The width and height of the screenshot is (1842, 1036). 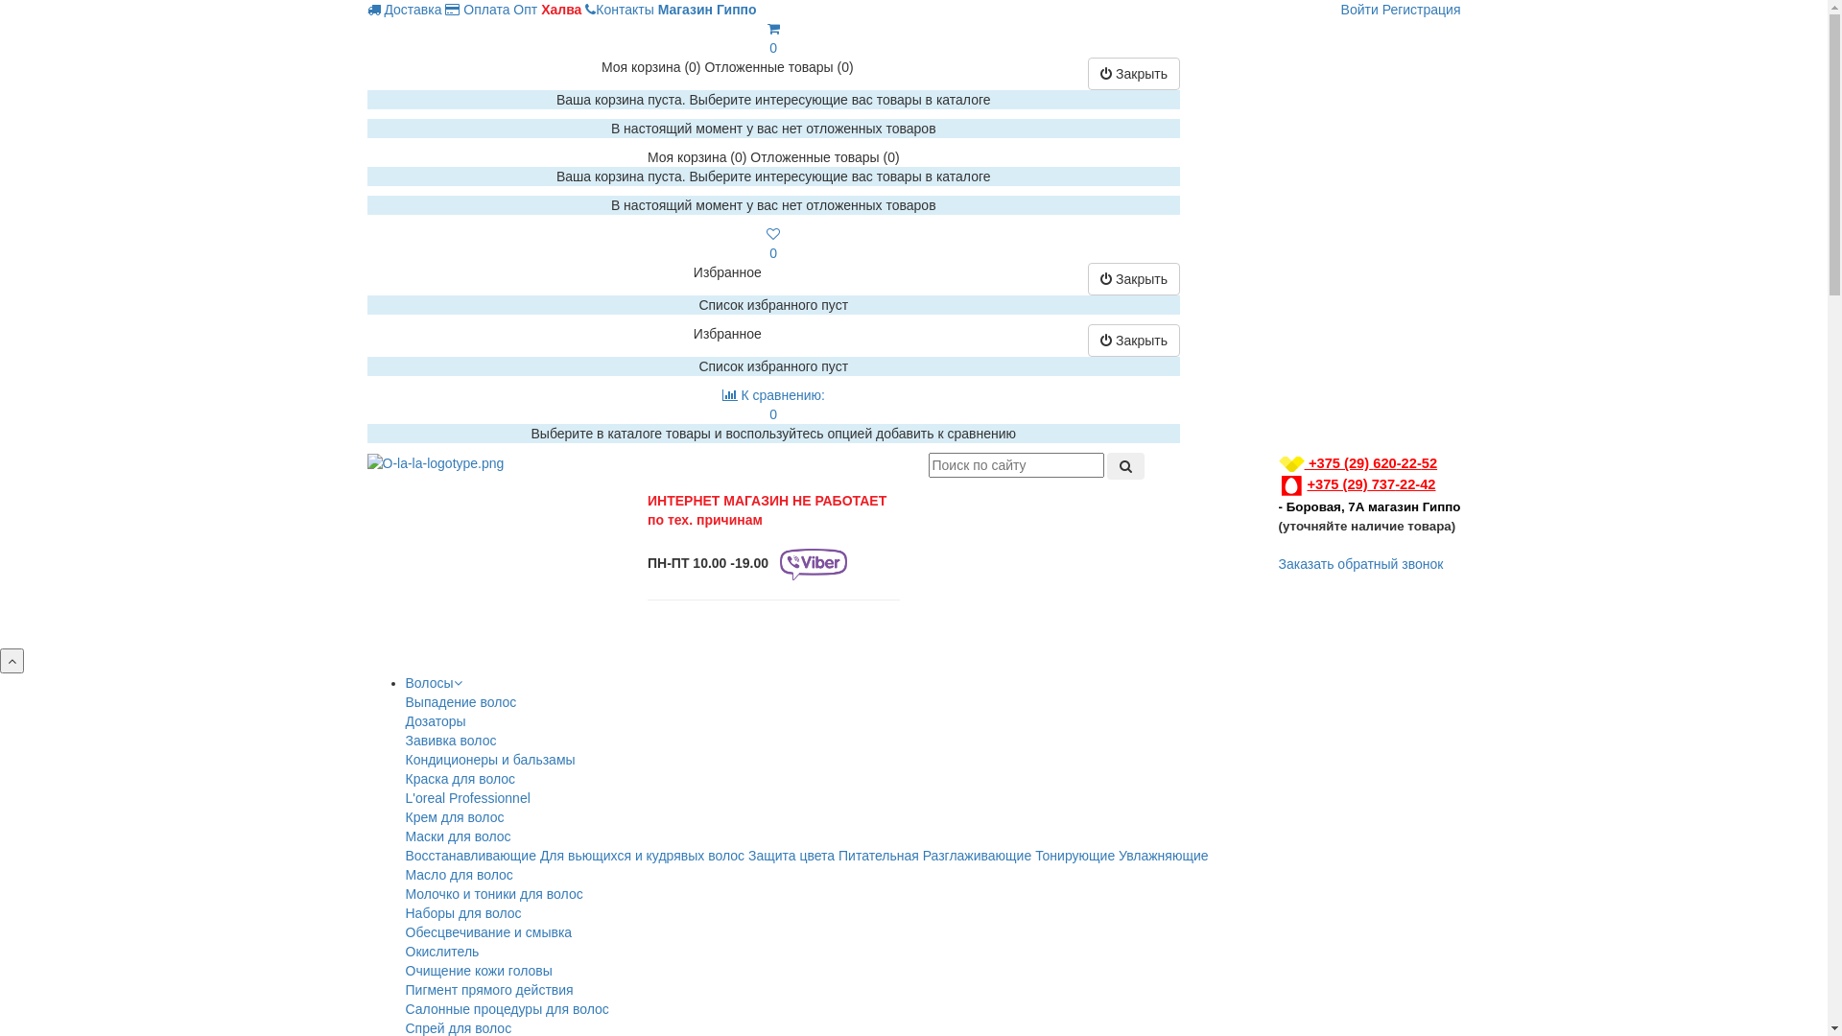 I want to click on 'O-la-la-logotype.png', so click(x=434, y=462).